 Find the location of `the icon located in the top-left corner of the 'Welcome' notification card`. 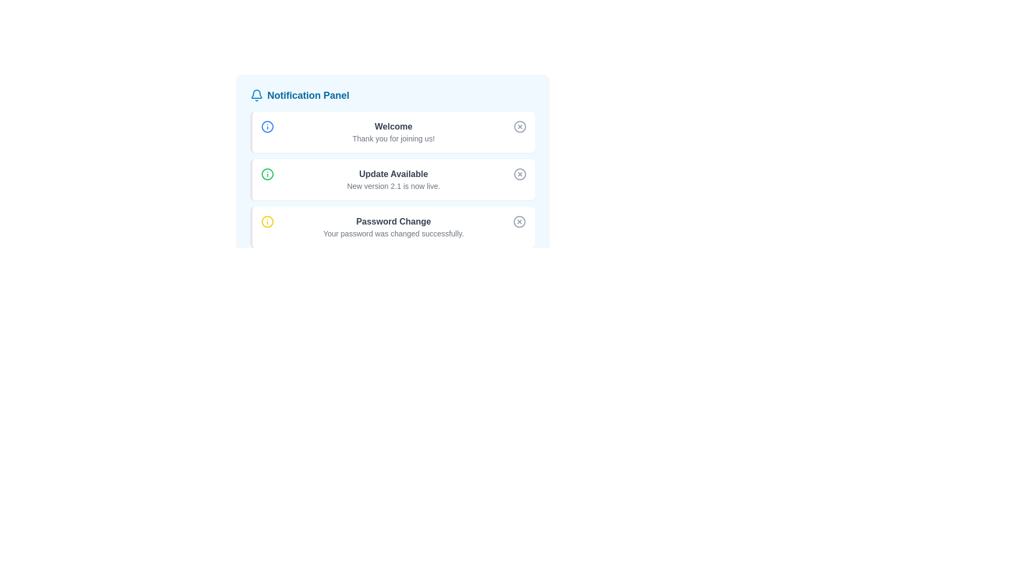

the icon located in the top-left corner of the 'Welcome' notification card is located at coordinates (267, 126).